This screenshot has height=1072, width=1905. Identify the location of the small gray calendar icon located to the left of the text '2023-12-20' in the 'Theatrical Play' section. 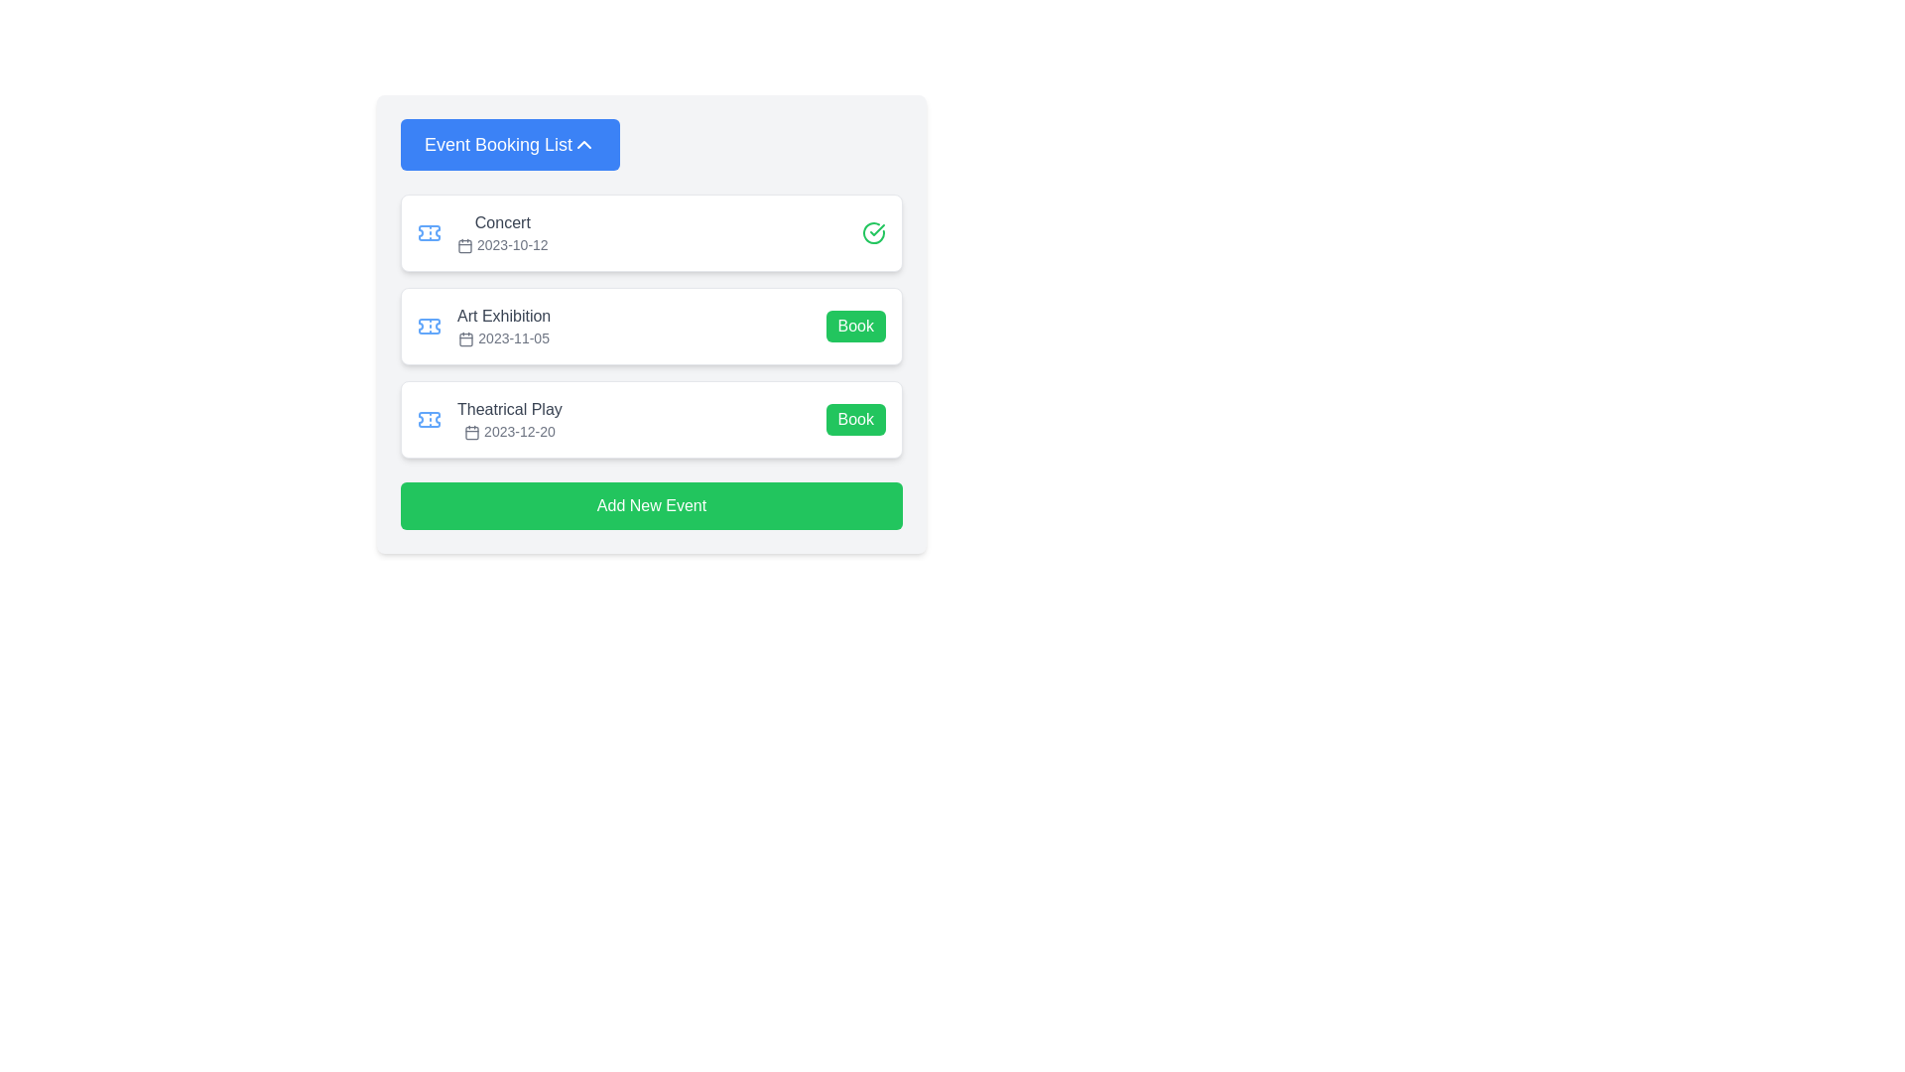
(471, 432).